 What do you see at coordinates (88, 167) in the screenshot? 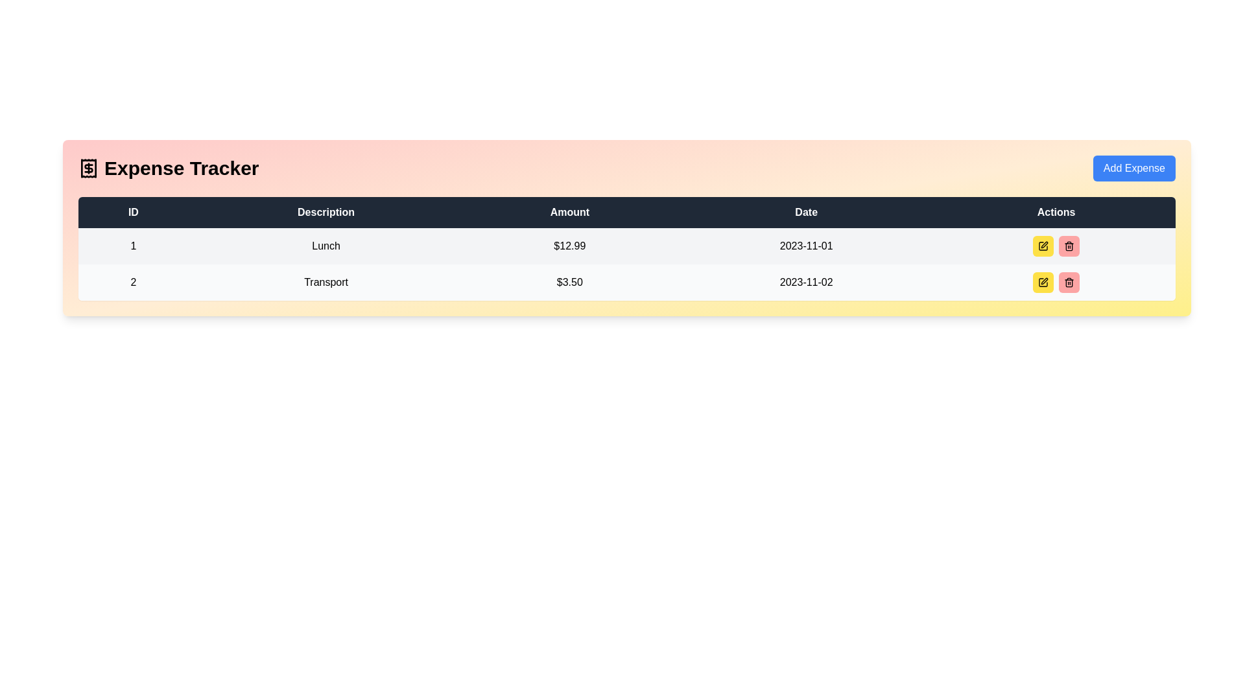
I see `the SVG icon resembling a receipt document with a dollar symbol, located before the 'Expense Tracker' title in the header section` at bounding box center [88, 167].